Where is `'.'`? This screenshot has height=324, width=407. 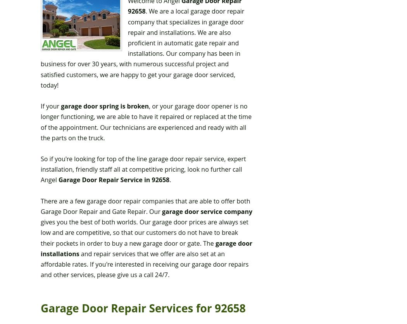
'.' is located at coordinates (170, 179).